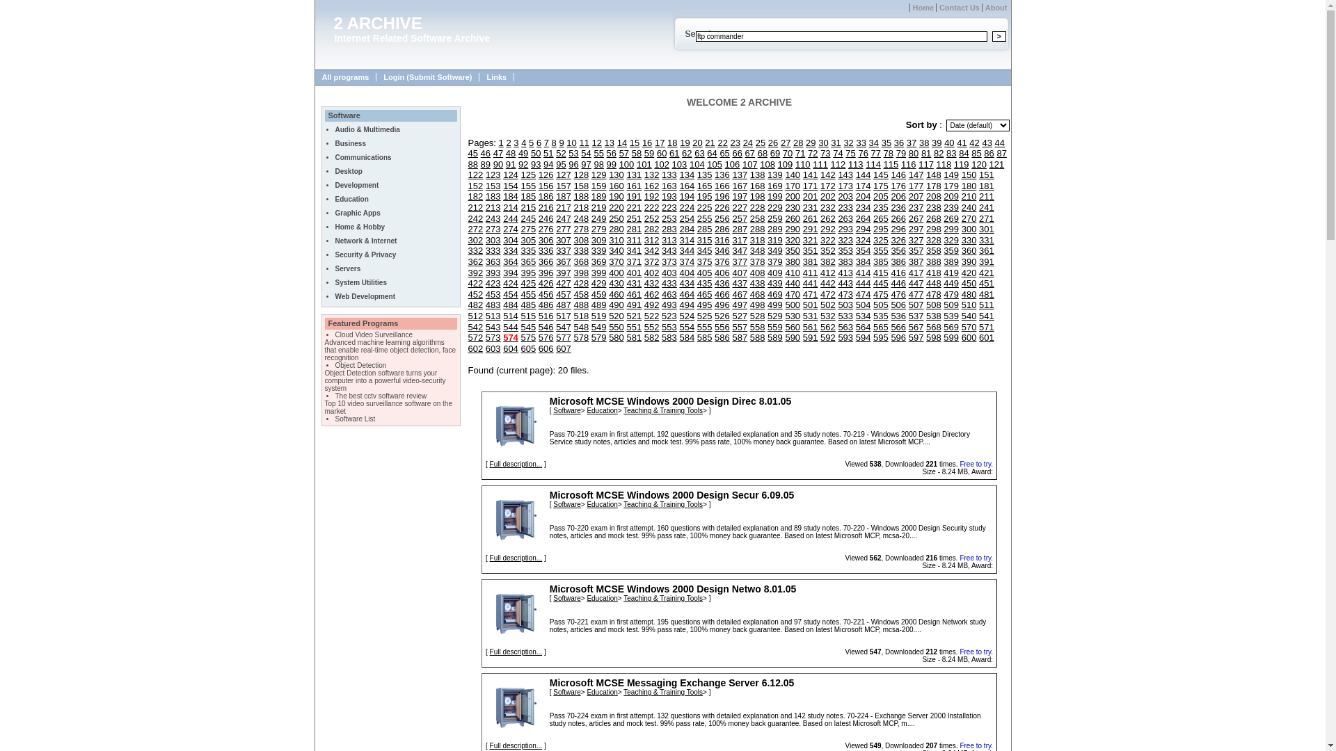 The image size is (1336, 751). I want to click on '555', so click(697, 327).